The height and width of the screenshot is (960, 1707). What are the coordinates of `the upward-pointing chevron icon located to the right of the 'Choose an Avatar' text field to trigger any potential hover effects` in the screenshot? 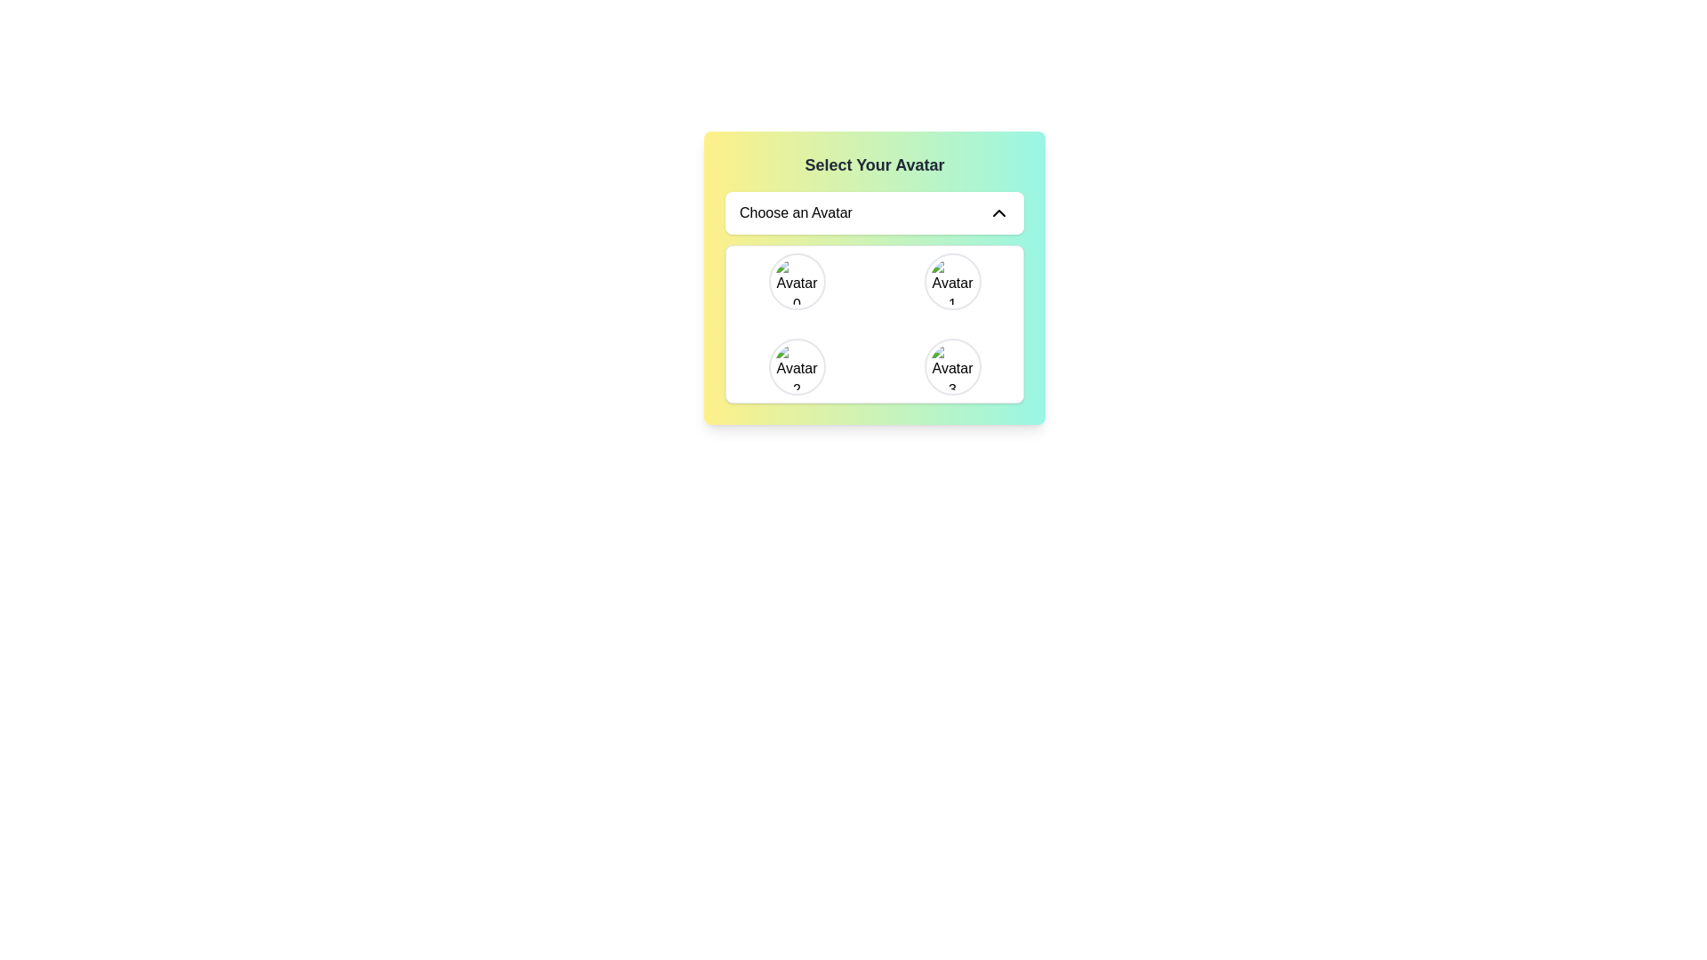 It's located at (998, 212).